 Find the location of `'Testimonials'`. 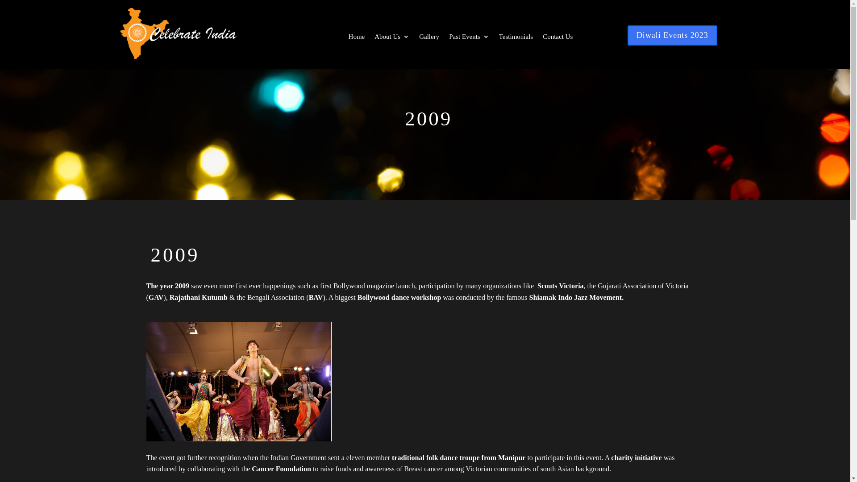

'Testimonials' is located at coordinates (516, 37).